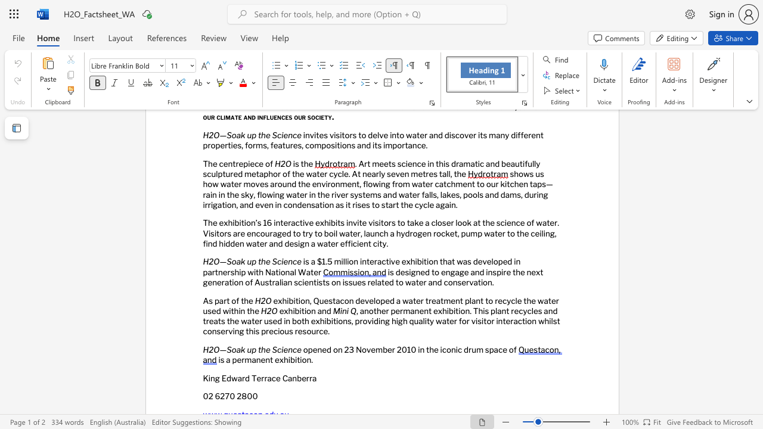 Image resolution: width=763 pixels, height=429 pixels. What do you see at coordinates (531, 300) in the screenshot?
I see `the subset text "e water used within th" within the text "exhibition, Questacon developed a water treatment plant to recycle the water used within the"` at bounding box center [531, 300].